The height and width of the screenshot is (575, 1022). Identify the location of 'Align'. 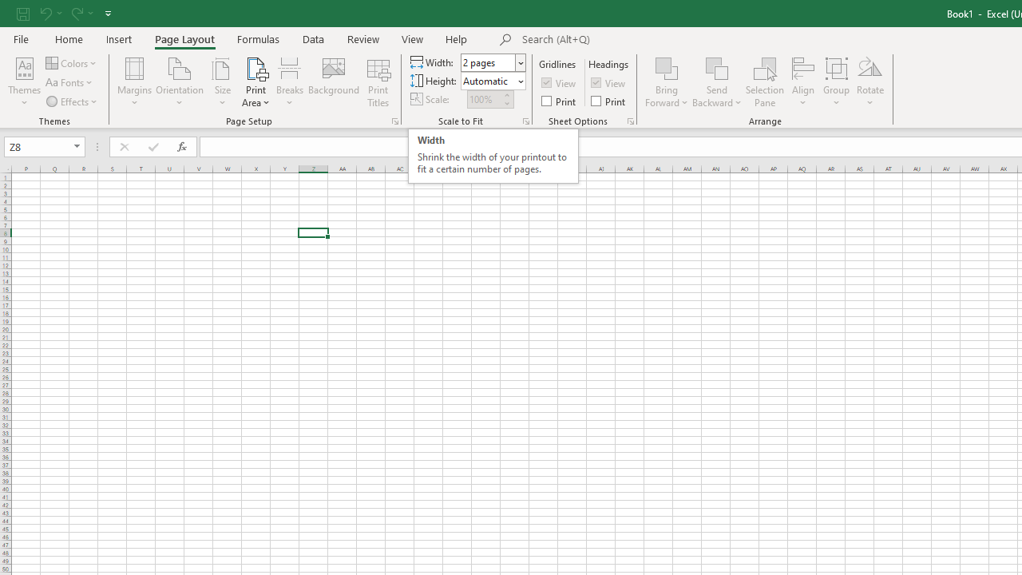
(803, 82).